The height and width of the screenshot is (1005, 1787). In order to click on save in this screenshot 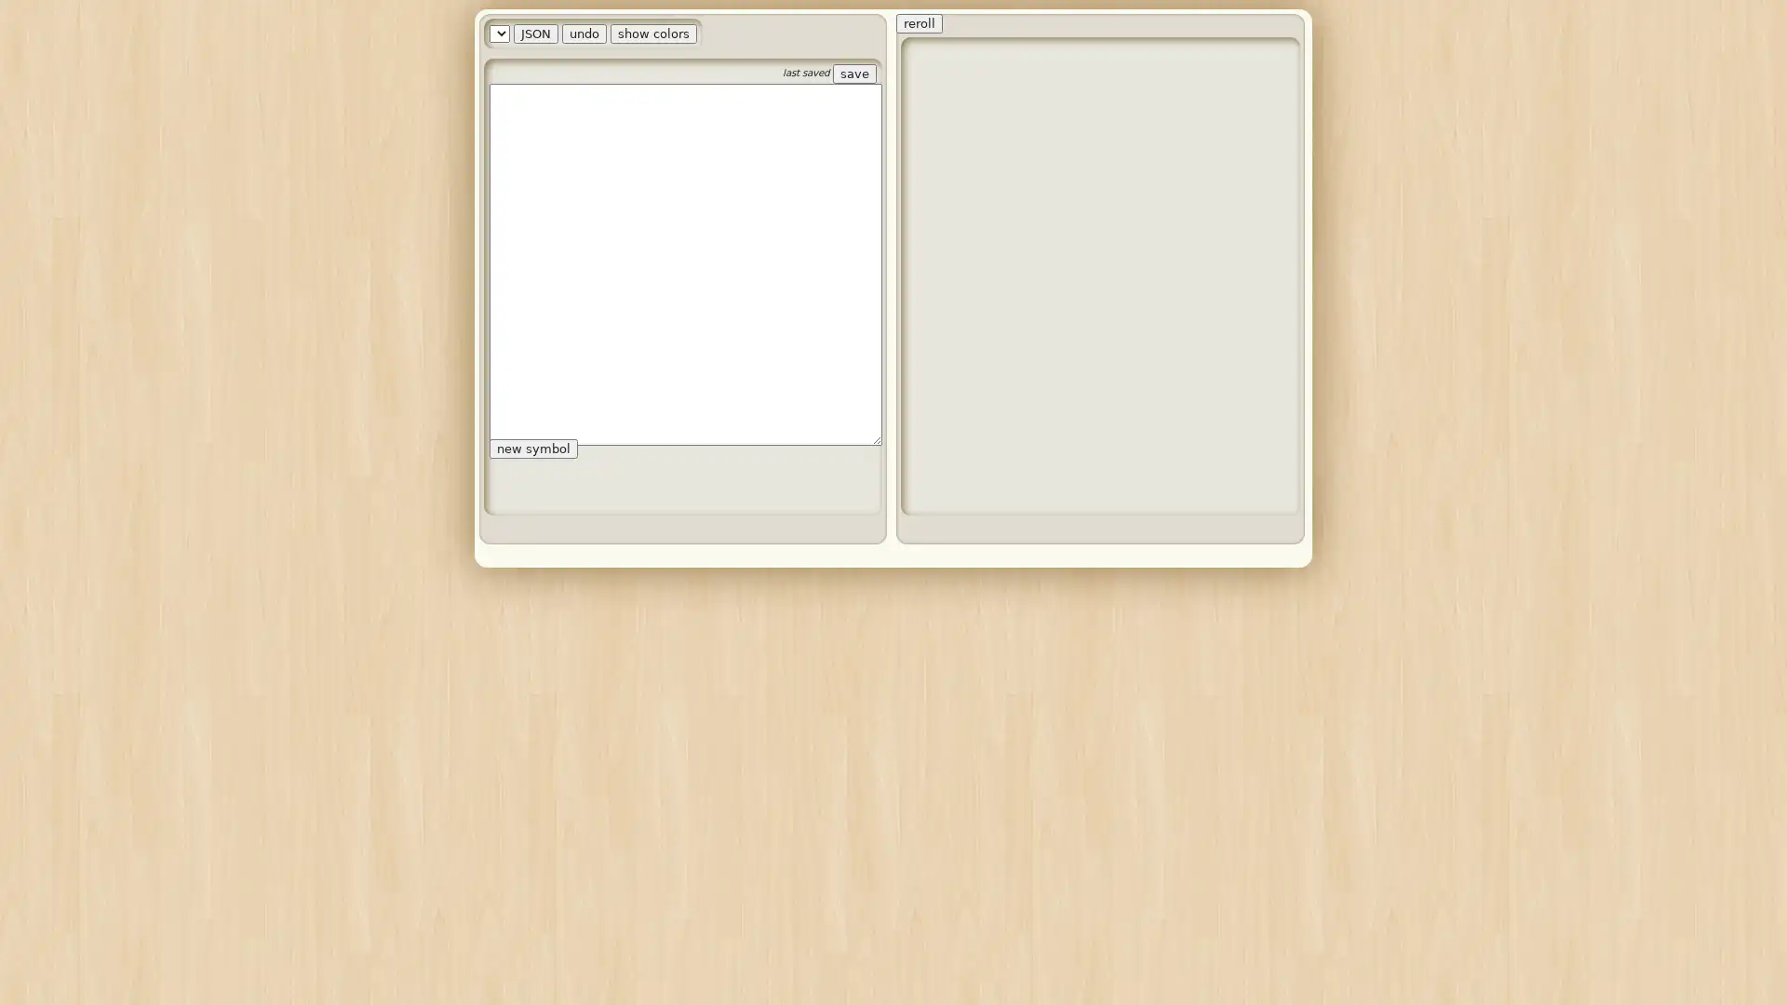, I will do `click(853, 73)`.